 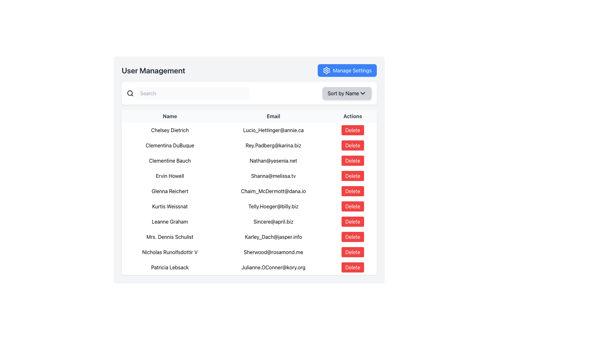 I want to click on keyboard navigation, so click(x=352, y=145).